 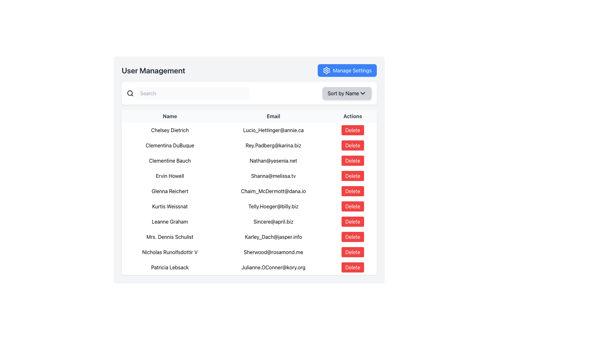 I want to click on keyboard navigation, so click(x=352, y=145).